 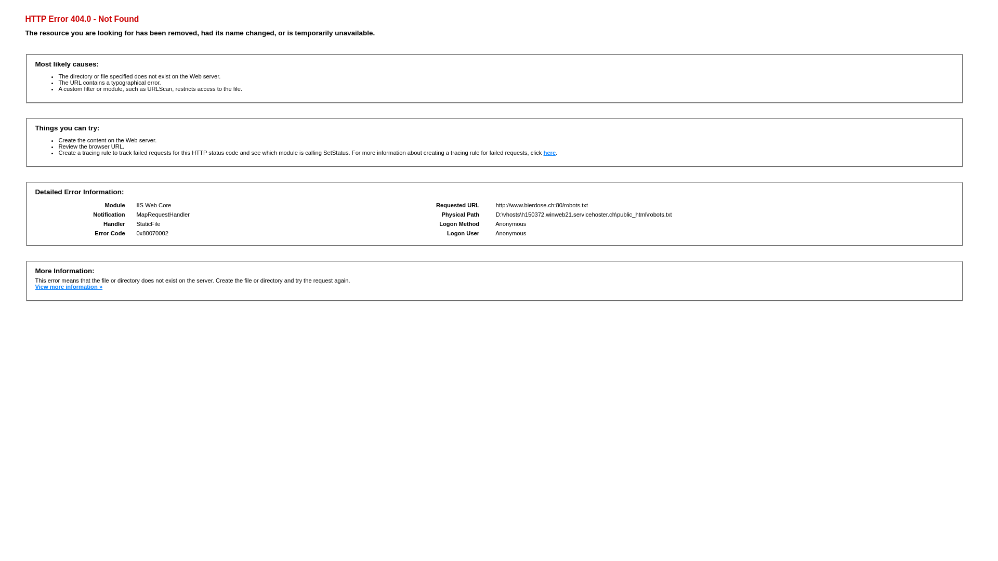 What do you see at coordinates (549, 152) in the screenshot?
I see `'here'` at bounding box center [549, 152].